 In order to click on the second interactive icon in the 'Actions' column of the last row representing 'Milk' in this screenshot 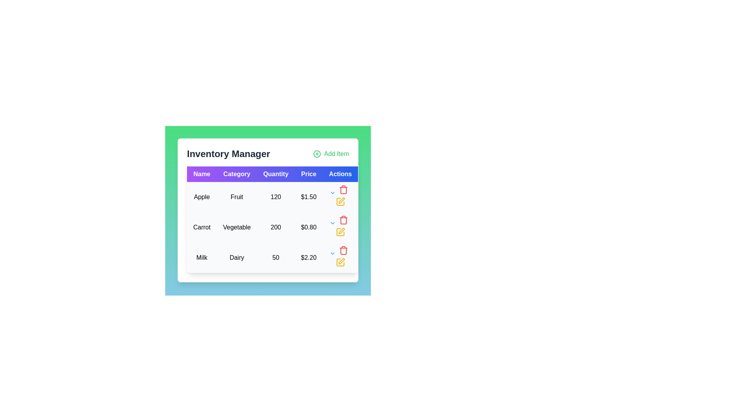, I will do `click(340, 262)`.